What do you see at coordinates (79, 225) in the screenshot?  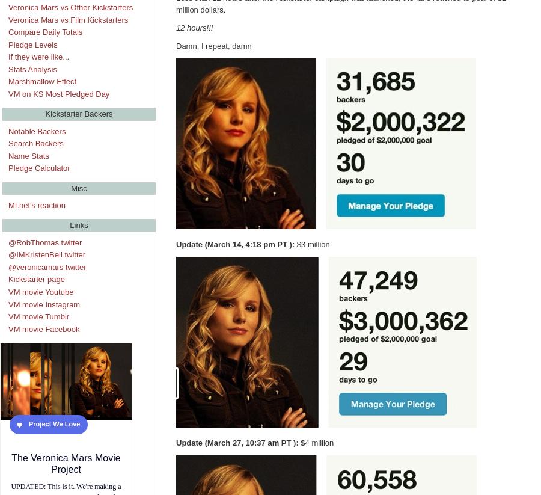 I see `'Links'` at bounding box center [79, 225].